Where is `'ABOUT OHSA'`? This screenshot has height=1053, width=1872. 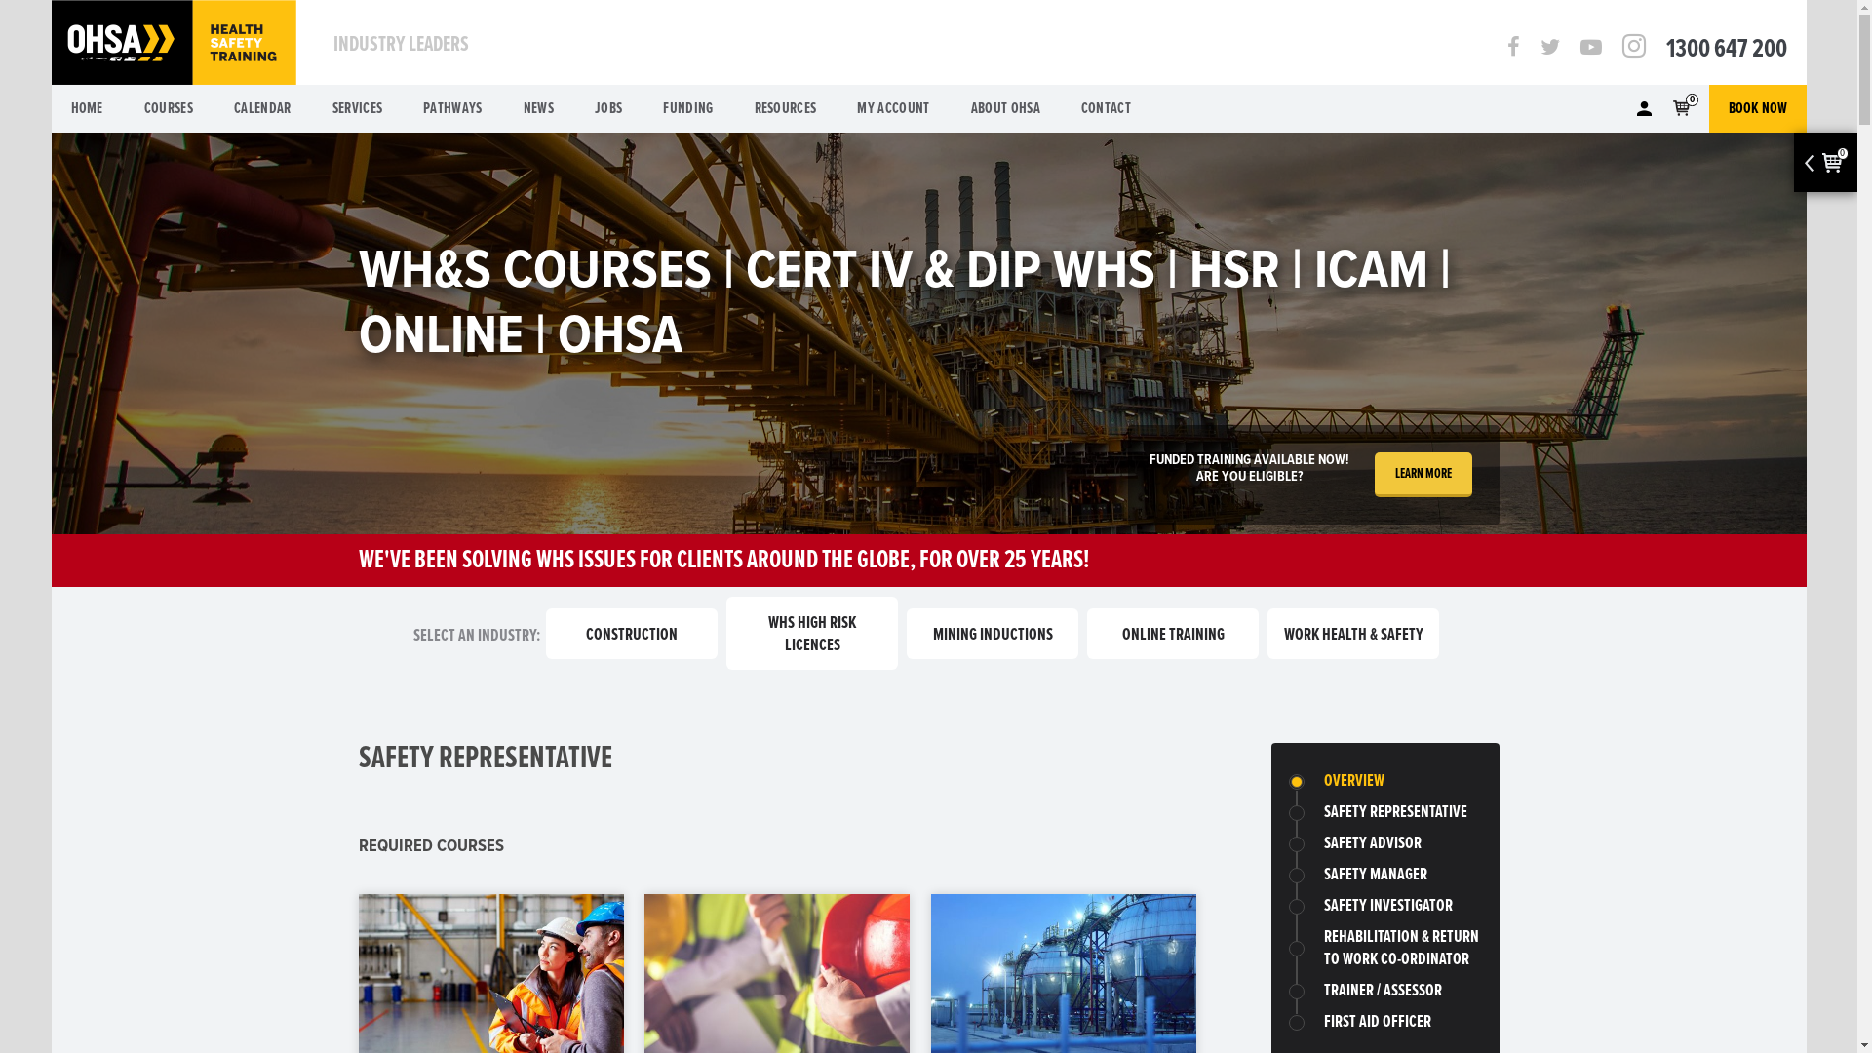 'ABOUT OHSA' is located at coordinates (1005, 108).